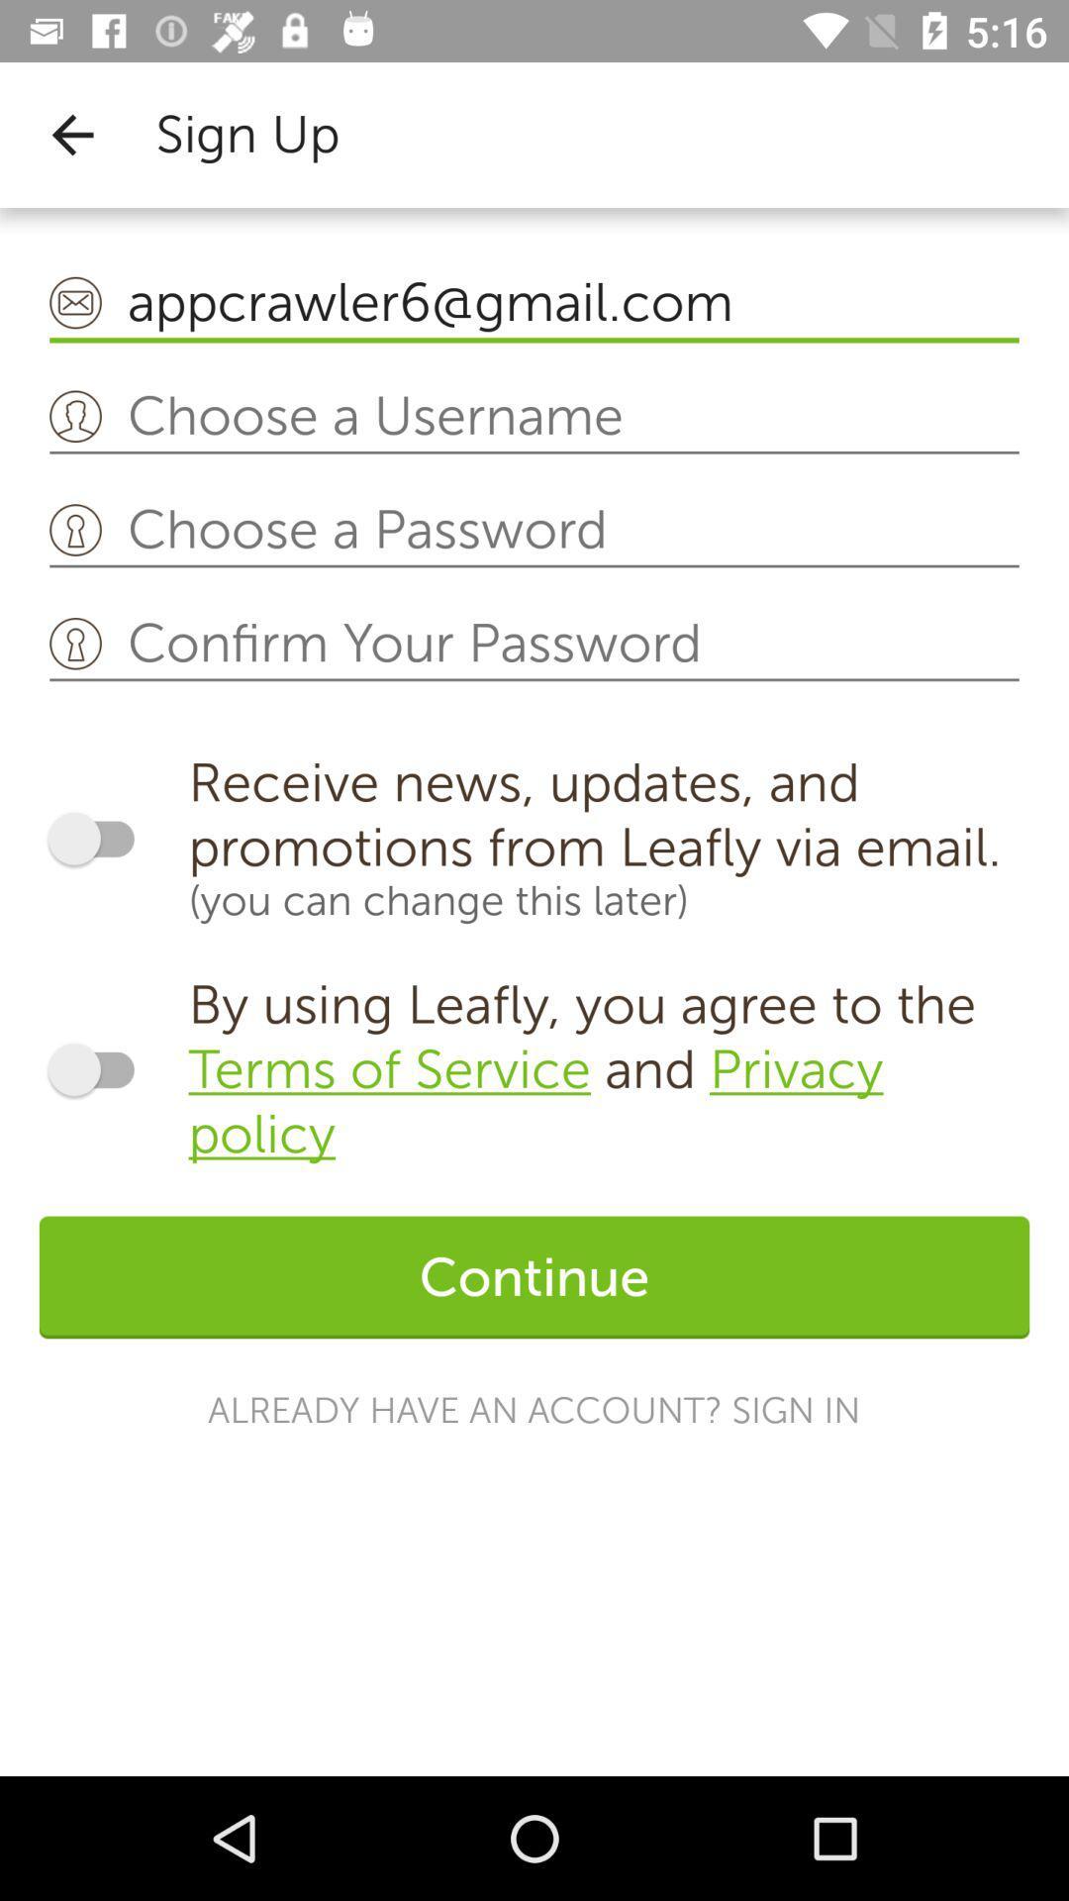  What do you see at coordinates (608, 1068) in the screenshot?
I see `icon above continue icon` at bounding box center [608, 1068].